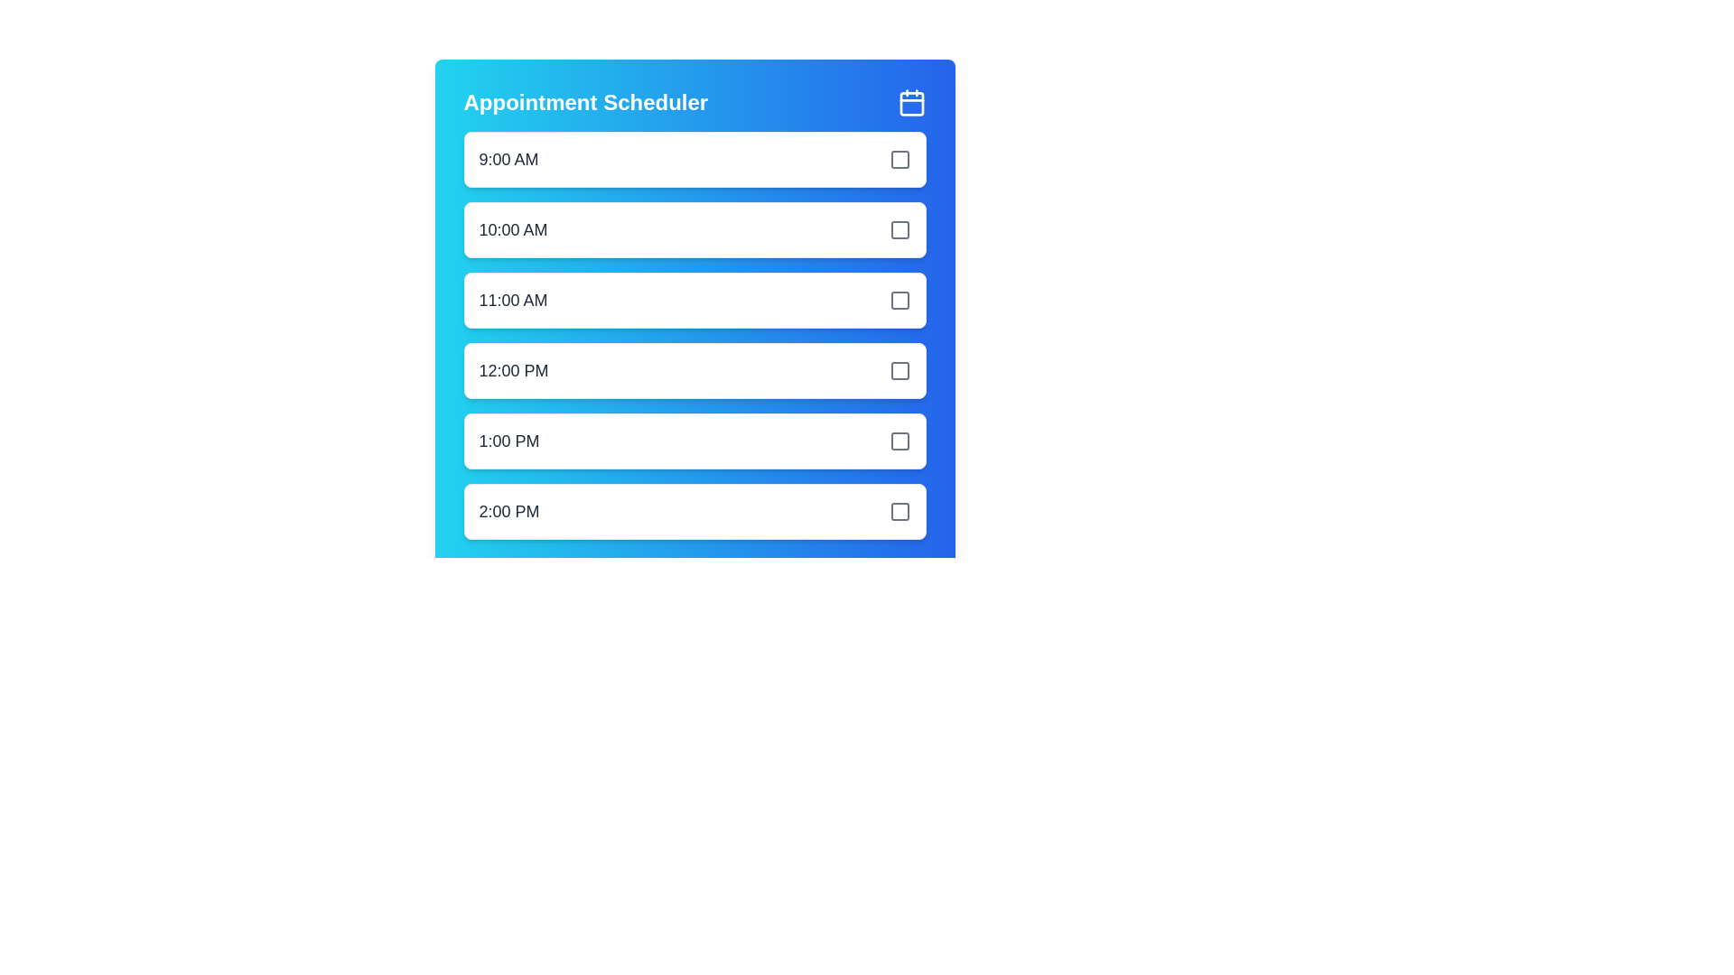  Describe the element at coordinates (694, 103) in the screenshot. I see `the header of the appointment scheduler to view its details` at that location.